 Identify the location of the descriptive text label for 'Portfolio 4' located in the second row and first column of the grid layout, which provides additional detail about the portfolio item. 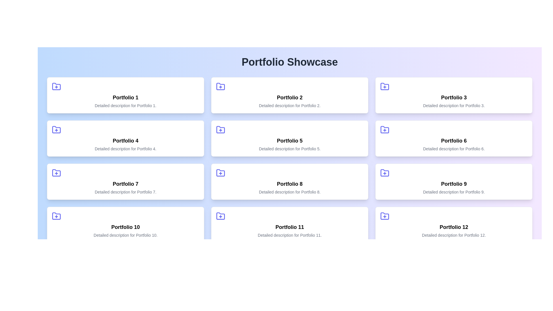
(125, 148).